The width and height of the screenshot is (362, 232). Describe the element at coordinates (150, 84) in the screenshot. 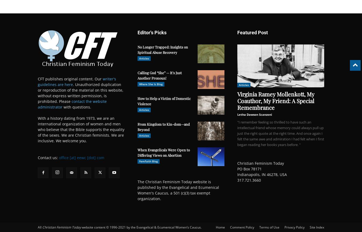

I see `'Where She Is Blog'` at that location.